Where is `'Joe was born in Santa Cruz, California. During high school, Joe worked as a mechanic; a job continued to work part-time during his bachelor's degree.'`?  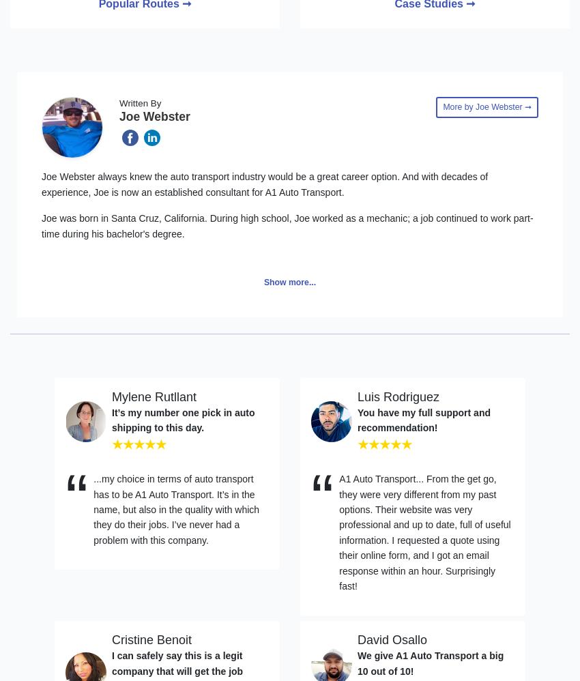 'Joe was born in Santa Cruz, California. During high school, Joe worked as a mechanic; a job continued to work part-time during his bachelor's degree.' is located at coordinates (287, 226).